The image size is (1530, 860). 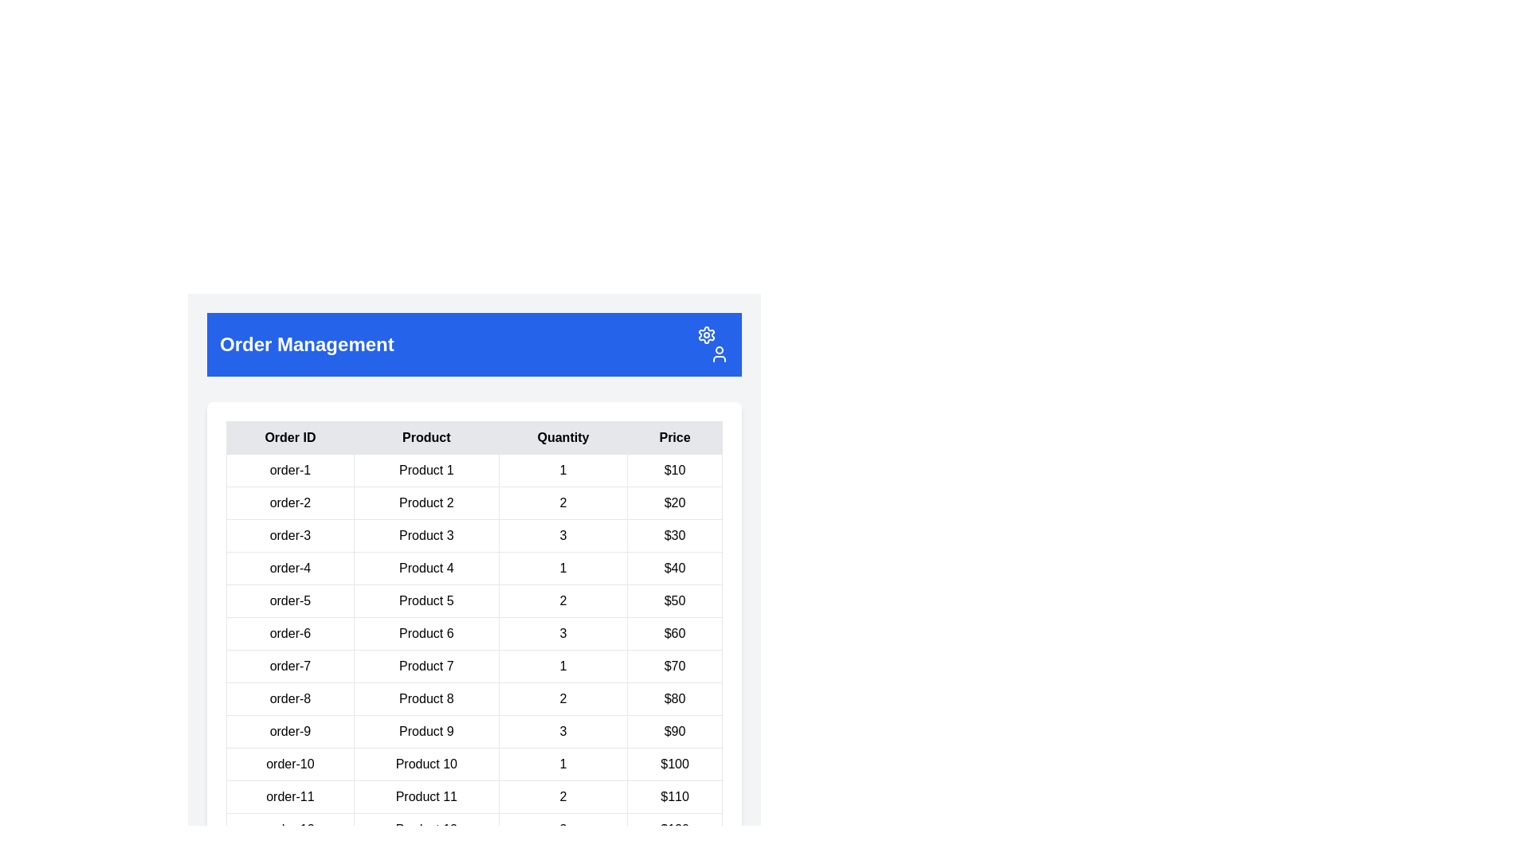 What do you see at coordinates (290, 469) in the screenshot?
I see `the first cell in the 'Order ID' column of the table` at bounding box center [290, 469].